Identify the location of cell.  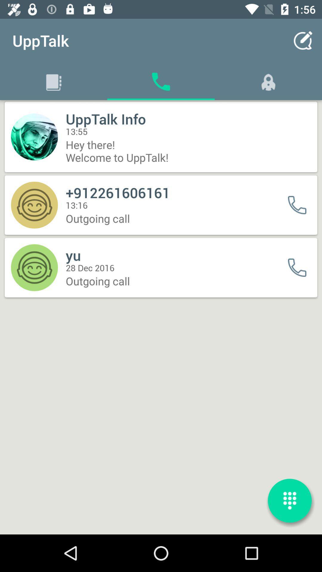
(301, 205).